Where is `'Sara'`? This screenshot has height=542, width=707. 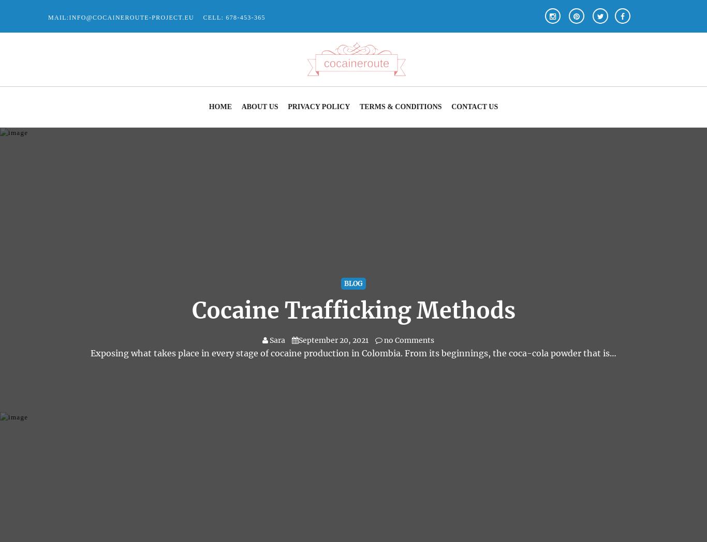 'Sara' is located at coordinates (277, 340).